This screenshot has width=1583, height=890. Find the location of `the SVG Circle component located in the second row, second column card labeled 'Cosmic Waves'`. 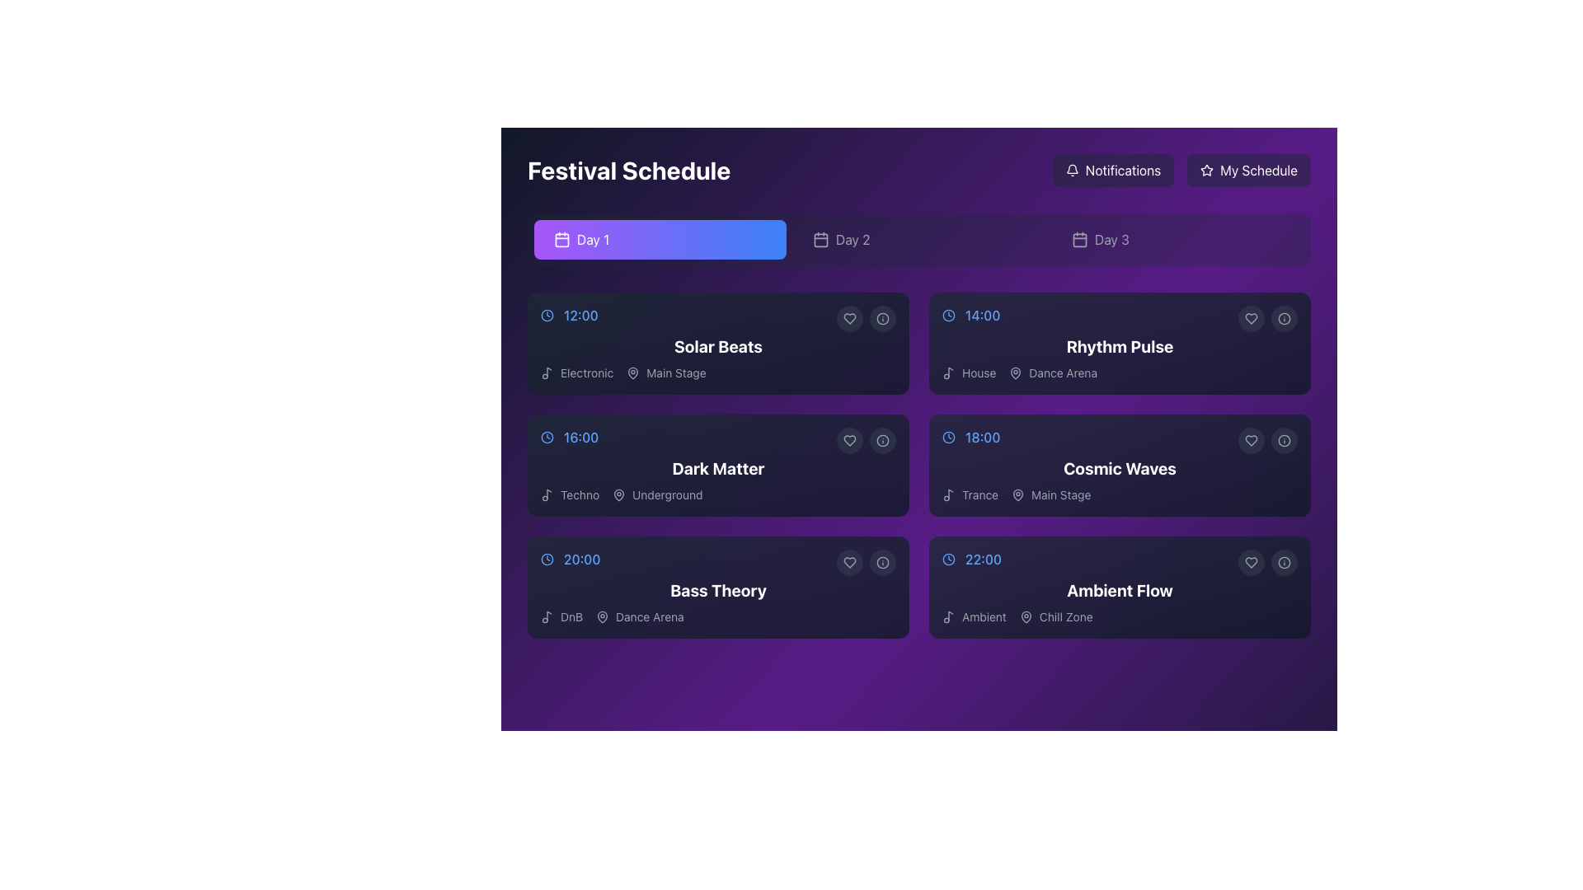

the SVG Circle component located in the second row, second column card labeled 'Cosmic Waves' is located at coordinates (1284, 440).